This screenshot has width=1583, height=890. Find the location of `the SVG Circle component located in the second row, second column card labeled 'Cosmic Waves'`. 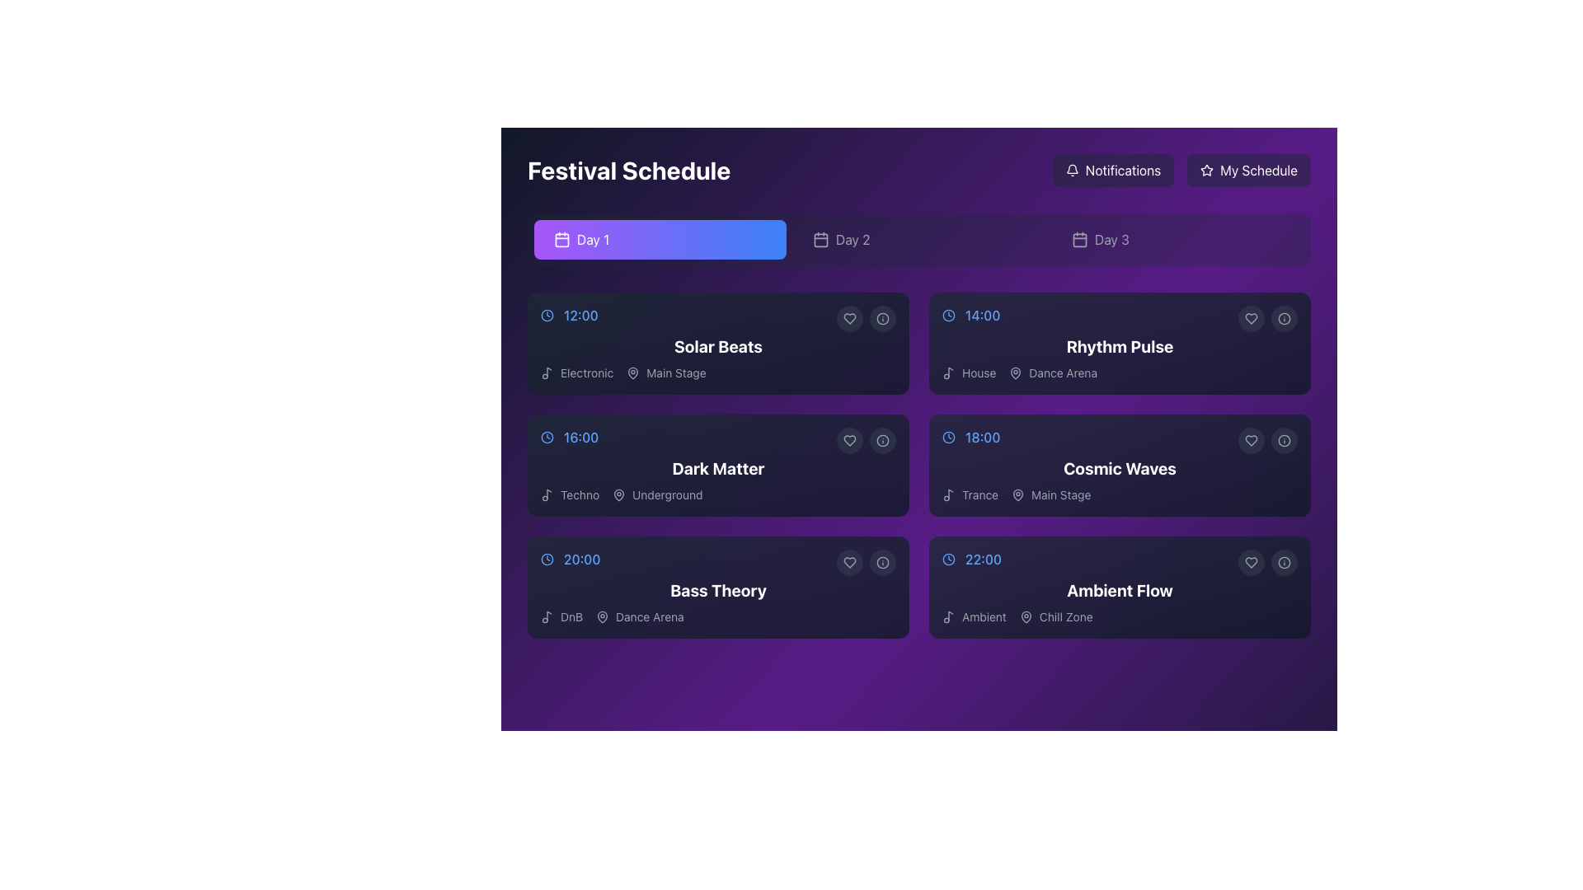

the SVG Circle component located in the second row, second column card labeled 'Cosmic Waves' is located at coordinates (1284, 440).